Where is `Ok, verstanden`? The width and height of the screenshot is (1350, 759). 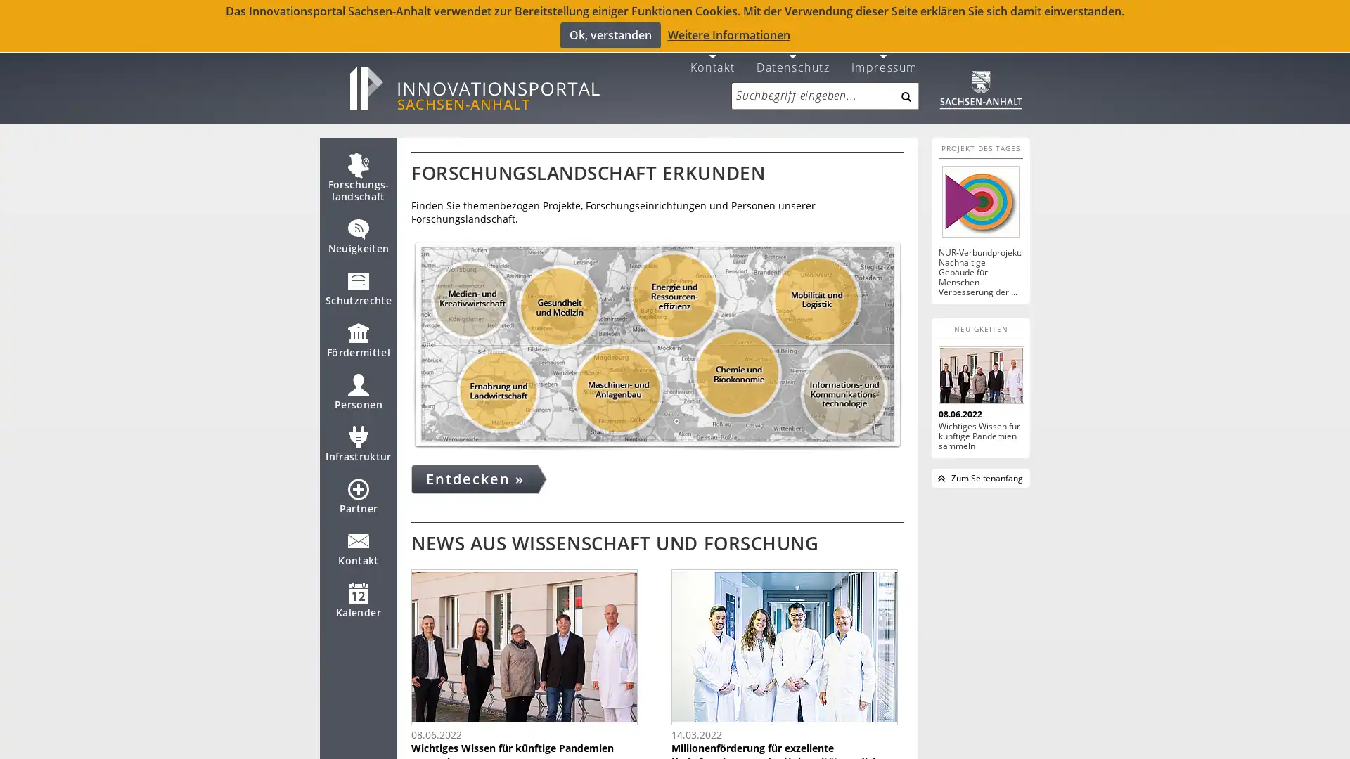
Ok, verstanden is located at coordinates (610, 34).